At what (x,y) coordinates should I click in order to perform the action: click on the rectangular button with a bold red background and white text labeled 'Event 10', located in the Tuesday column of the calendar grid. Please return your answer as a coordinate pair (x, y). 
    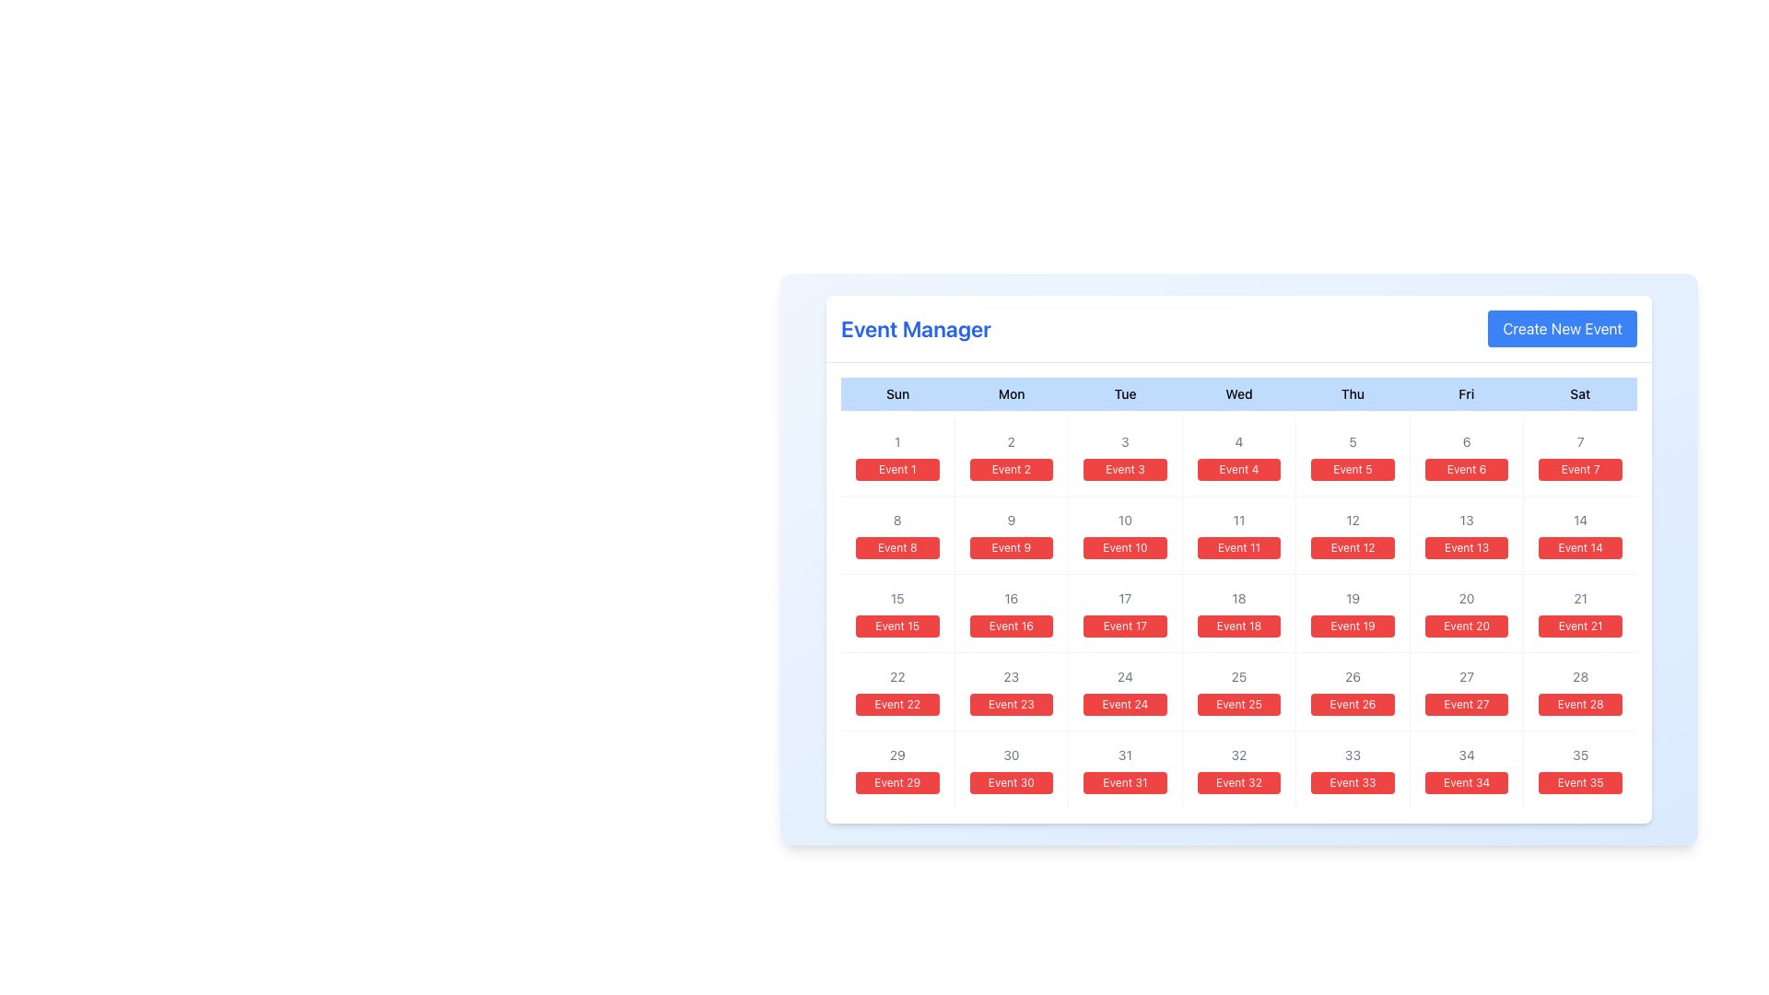
    Looking at the image, I should click on (1124, 546).